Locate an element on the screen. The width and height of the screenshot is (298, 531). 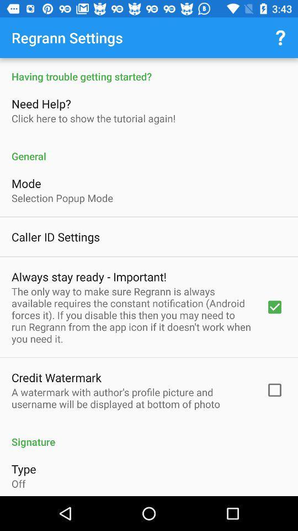
icon next to the regrann settings app is located at coordinates (280, 38).